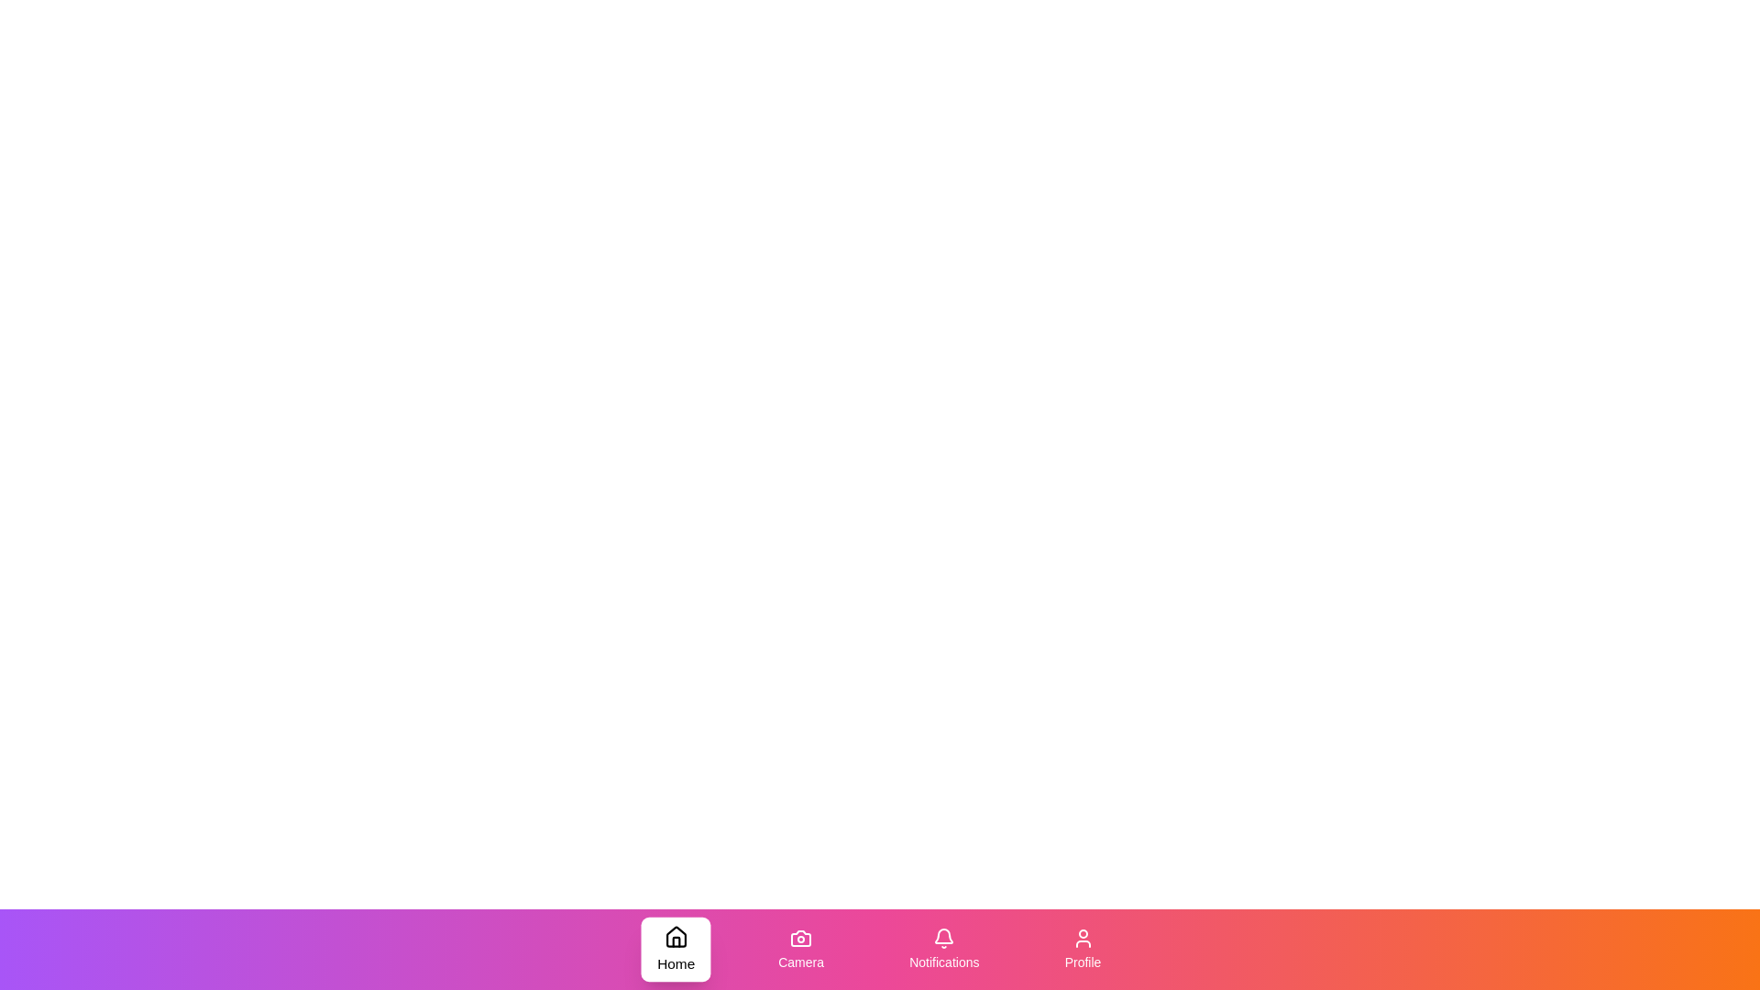 The height and width of the screenshot is (990, 1760). Describe the element at coordinates (800, 949) in the screenshot. I see `the Camera tab in the bottom navigation bar` at that location.